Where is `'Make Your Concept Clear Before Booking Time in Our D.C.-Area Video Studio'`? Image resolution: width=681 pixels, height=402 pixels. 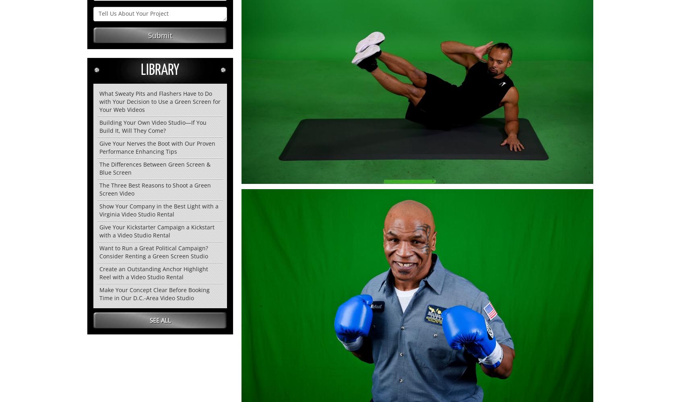 'Make Your Concept Clear Before Booking Time in Our D.C.-Area Video Studio' is located at coordinates (155, 293).